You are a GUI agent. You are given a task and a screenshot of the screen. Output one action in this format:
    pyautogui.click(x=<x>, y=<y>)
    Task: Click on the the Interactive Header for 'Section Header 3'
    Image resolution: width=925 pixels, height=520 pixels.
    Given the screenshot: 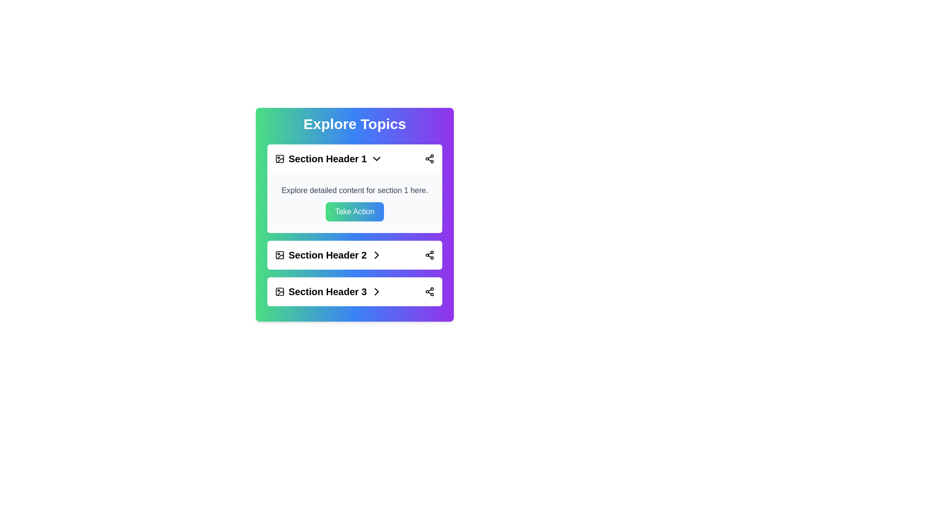 What is the action you would take?
    pyautogui.click(x=354, y=291)
    